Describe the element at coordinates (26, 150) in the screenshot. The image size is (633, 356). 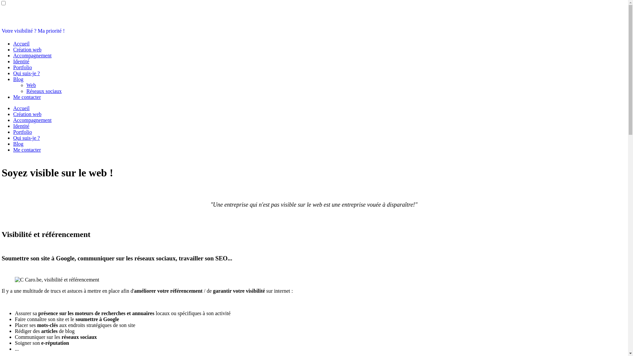
I see `'Me contacter'` at that location.